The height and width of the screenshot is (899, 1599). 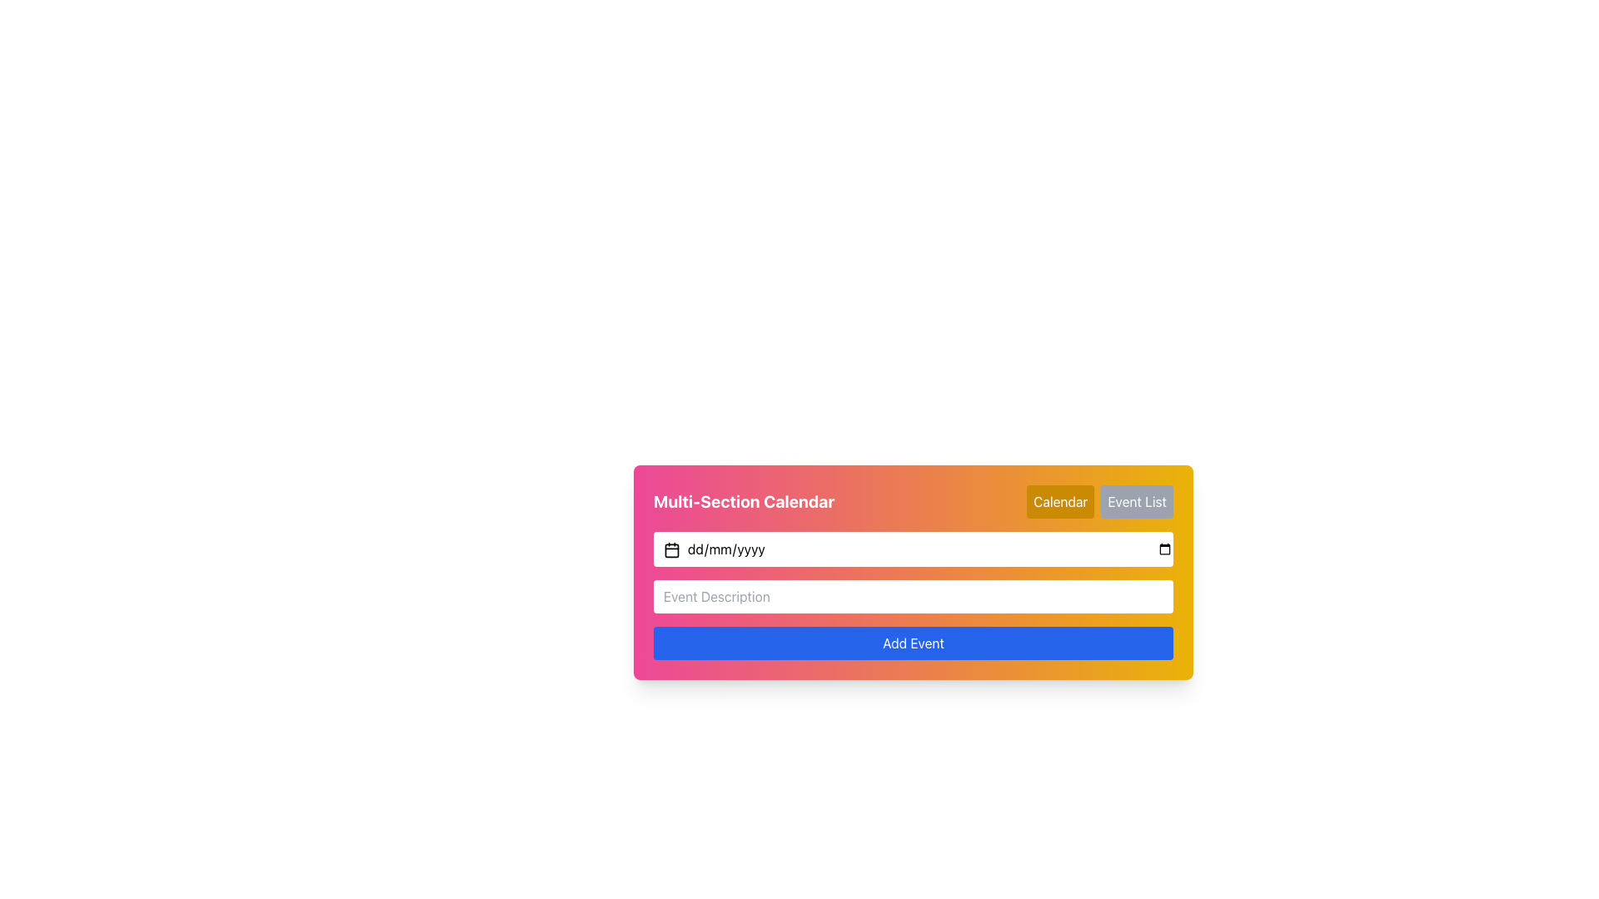 I want to click on the 'Event List' tab in the top-right corner of the Multi-Section Calendar, so click(x=1100, y=500).